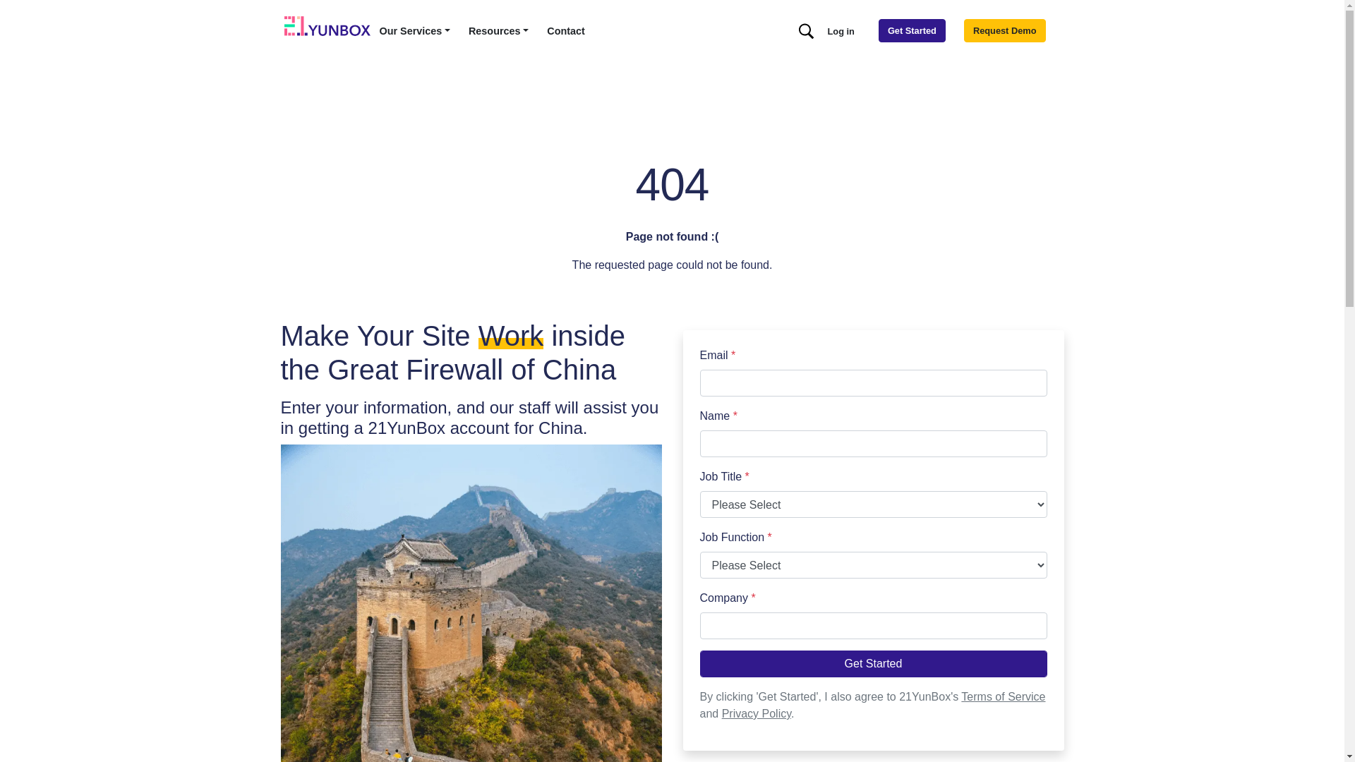  Describe the element at coordinates (912, 30) in the screenshot. I see `'Get Started'` at that location.